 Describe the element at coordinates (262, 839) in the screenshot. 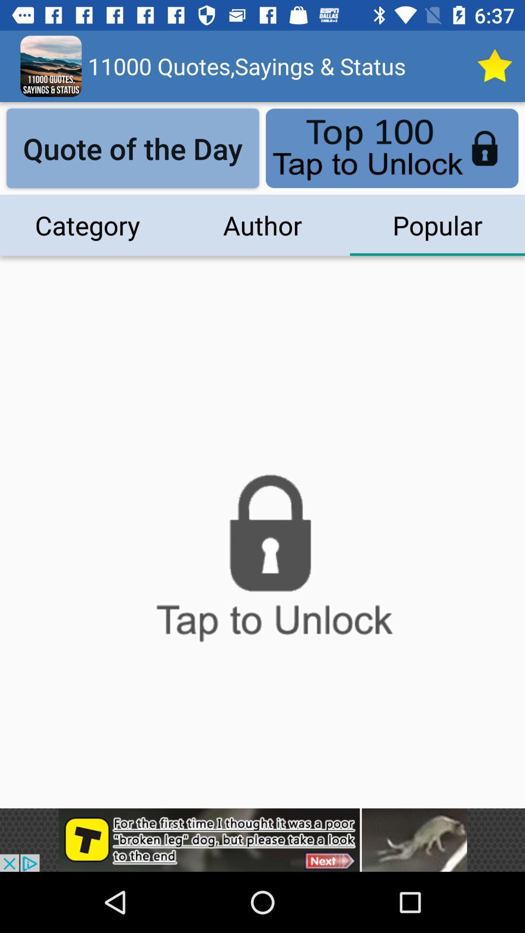

I see `click on the advertisement` at that location.